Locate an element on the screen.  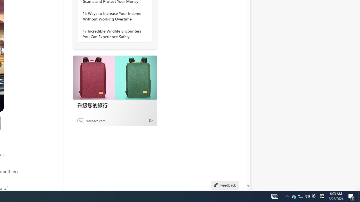
'Nordace.com' is located at coordinates (95, 120).